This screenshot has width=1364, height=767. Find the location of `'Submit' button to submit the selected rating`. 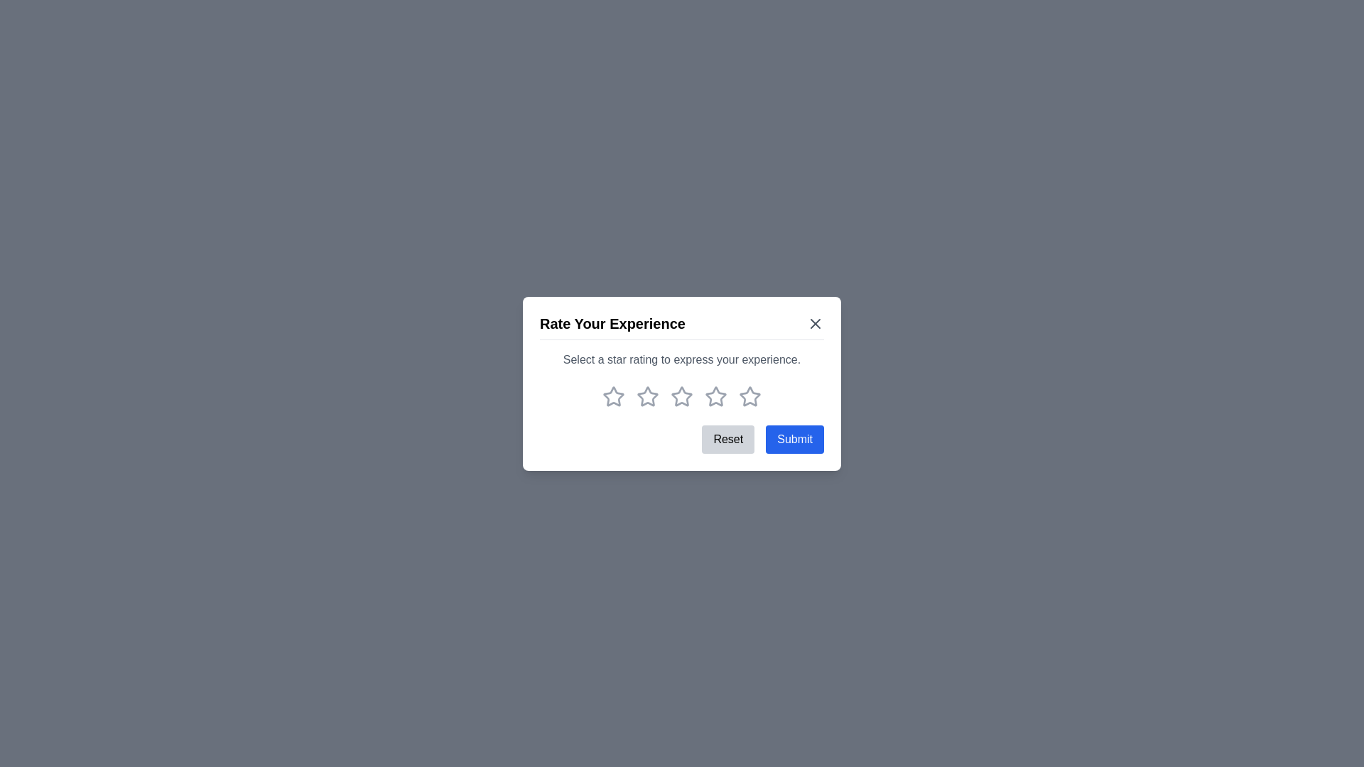

'Submit' button to submit the selected rating is located at coordinates (794, 437).